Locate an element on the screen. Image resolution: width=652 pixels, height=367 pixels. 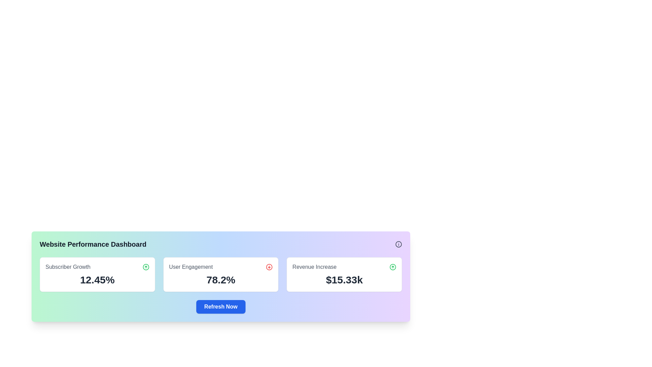
the state of the SVG Circle indicator located within the green-themed button, which is centrally positioned on the same row as the 'Subscriber Growth' label and percentage is located at coordinates (393, 267).